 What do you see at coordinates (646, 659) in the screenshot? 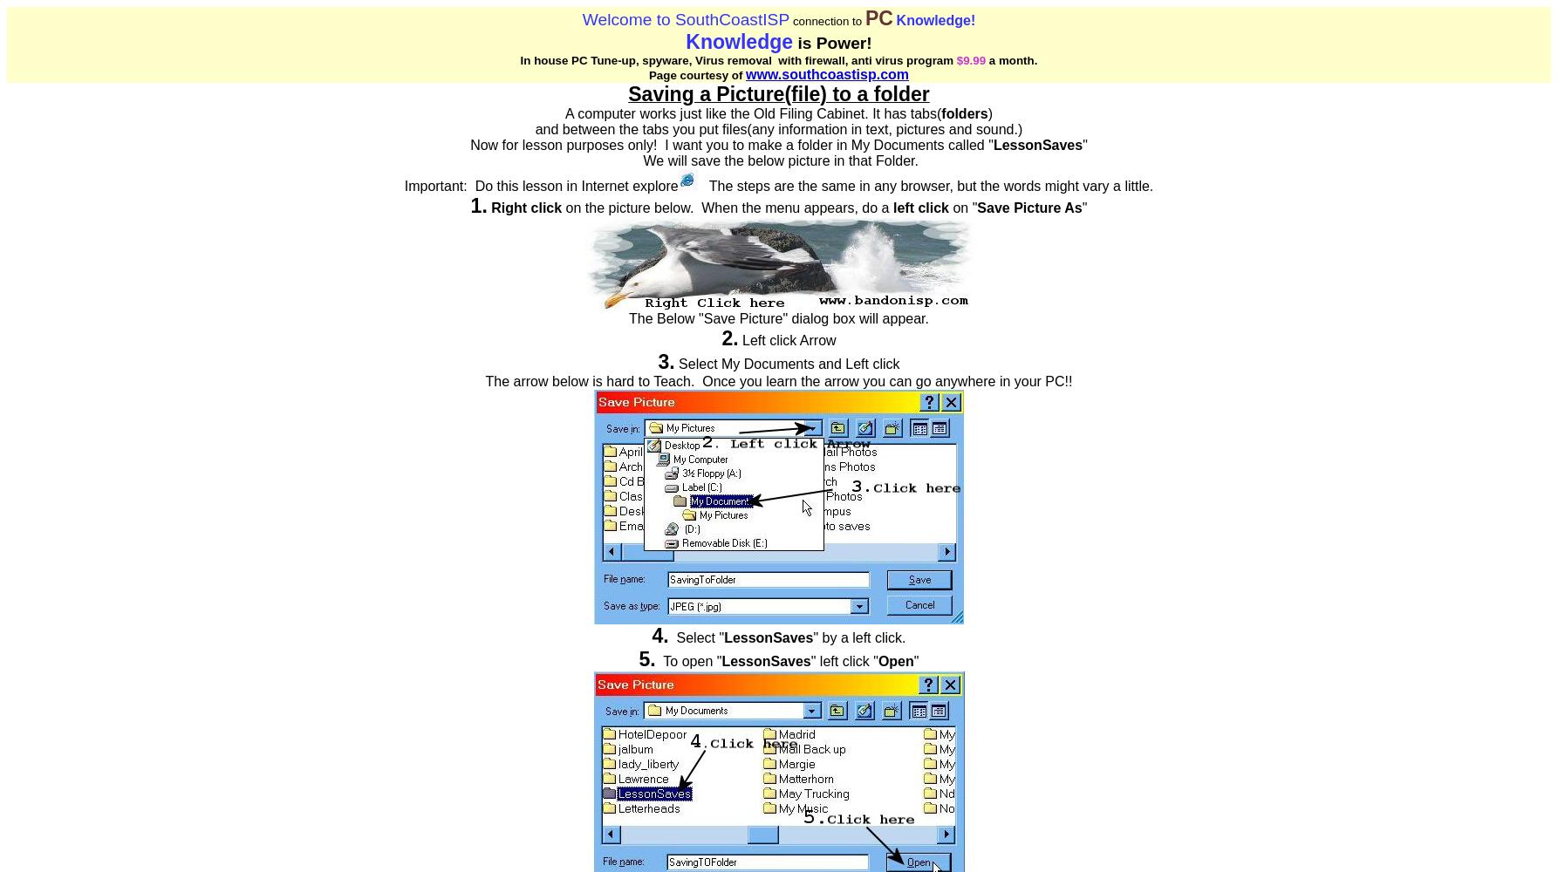
I see `'5.'` at bounding box center [646, 659].